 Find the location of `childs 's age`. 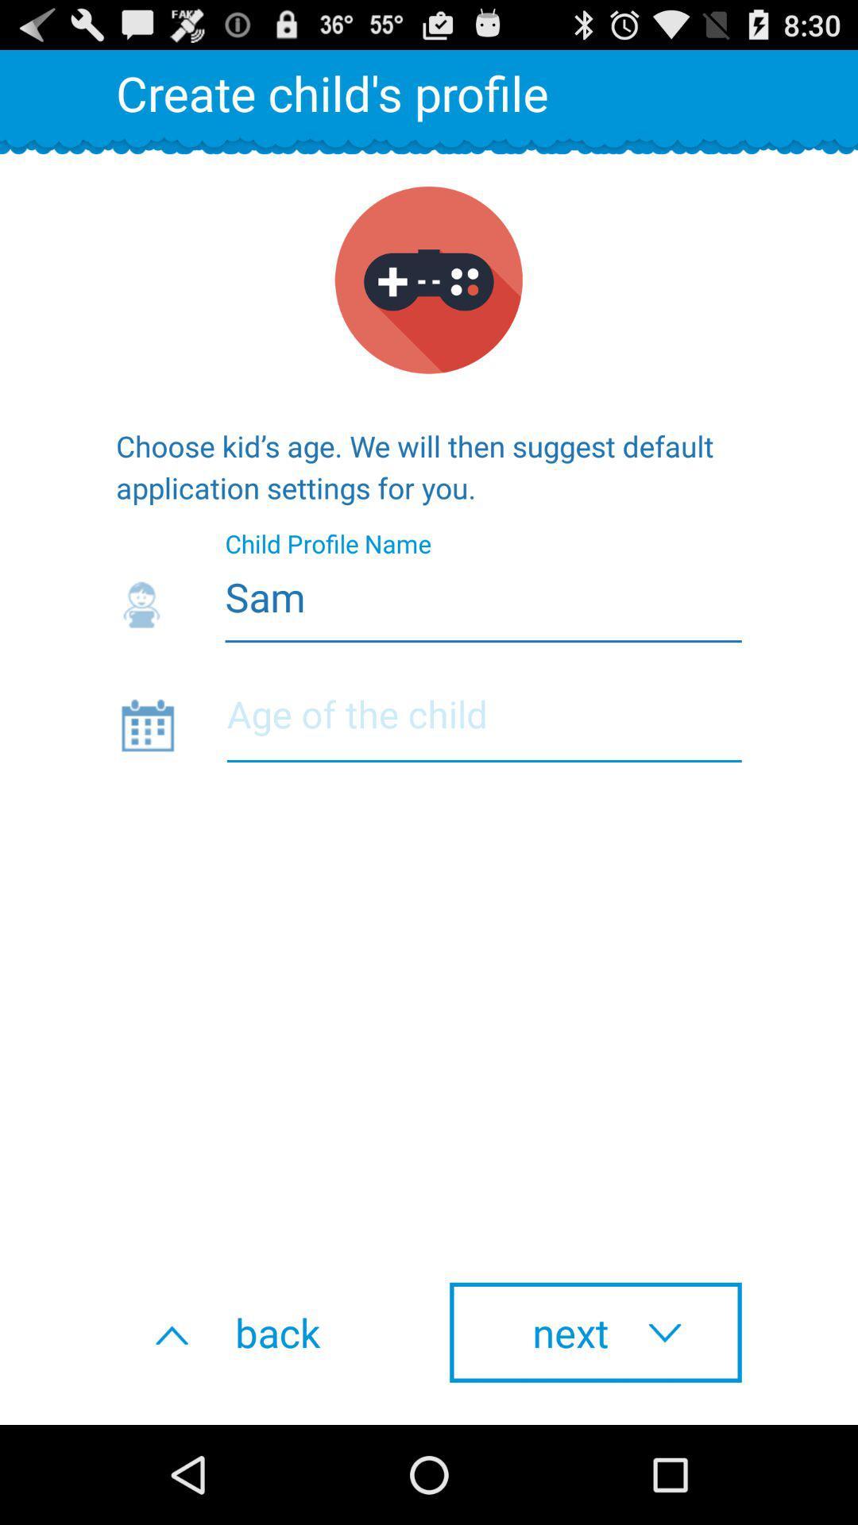

childs 's age is located at coordinates (483, 724).